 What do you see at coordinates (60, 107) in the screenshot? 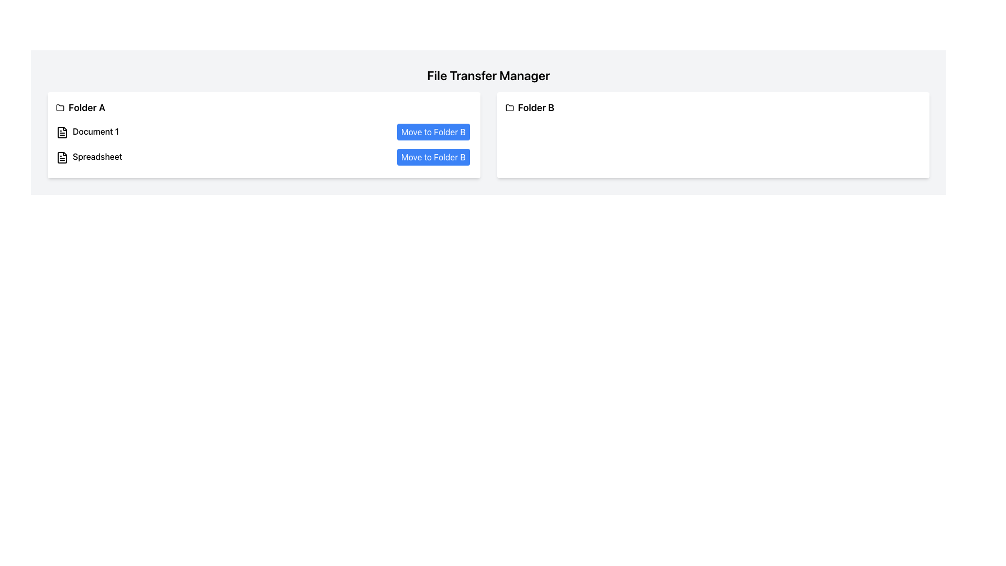
I see `the small folder icon with rounded edges, located to the left of the text 'Folder A' in the 'File Transfer Manager' panel` at bounding box center [60, 107].